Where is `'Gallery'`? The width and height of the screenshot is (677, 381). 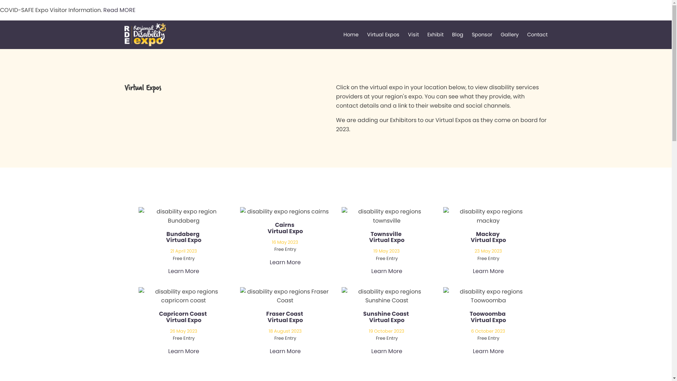 'Gallery' is located at coordinates (510, 35).